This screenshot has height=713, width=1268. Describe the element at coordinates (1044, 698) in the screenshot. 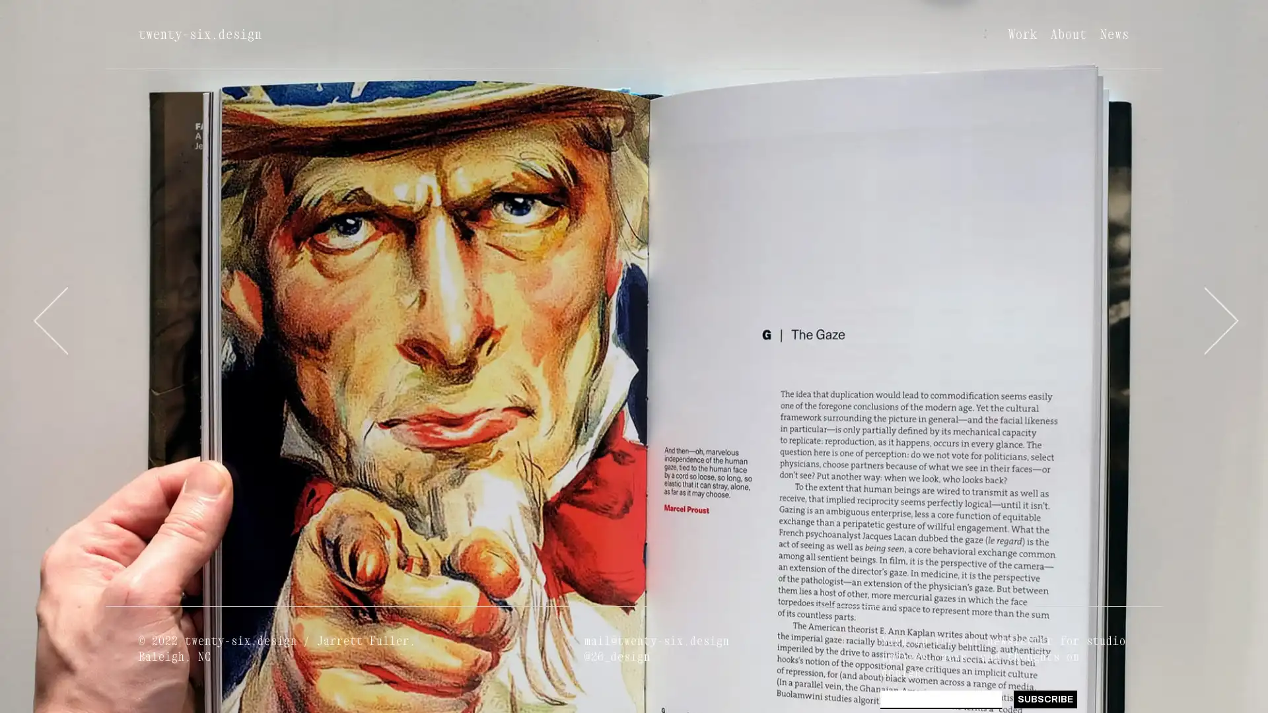

I see `Subscribe` at that location.